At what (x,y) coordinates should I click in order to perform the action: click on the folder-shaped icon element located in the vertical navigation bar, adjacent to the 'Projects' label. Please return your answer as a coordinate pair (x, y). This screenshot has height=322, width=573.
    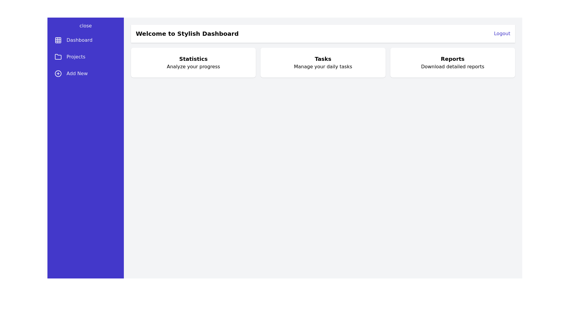
    Looking at the image, I should click on (58, 57).